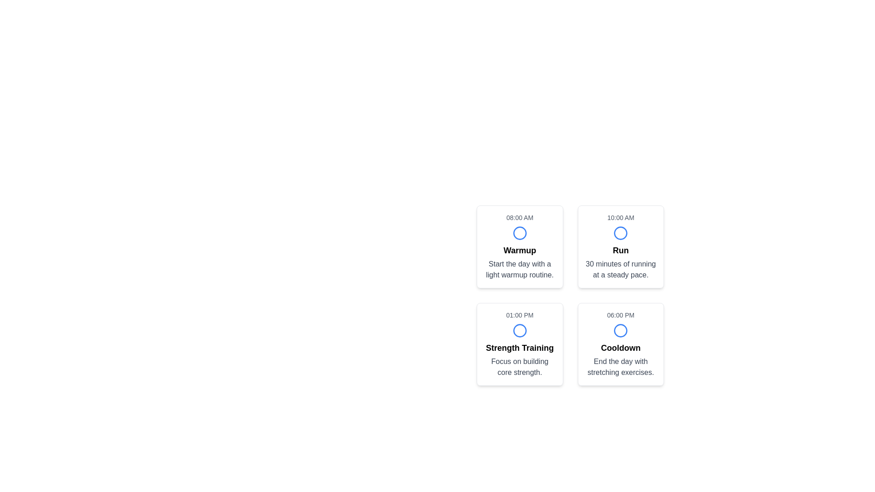  Describe the element at coordinates (620, 314) in the screenshot. I see `timestamp text label located centrally in the bottom-right block of the grid layout, which indicates the start time of an event or activity` at that location.